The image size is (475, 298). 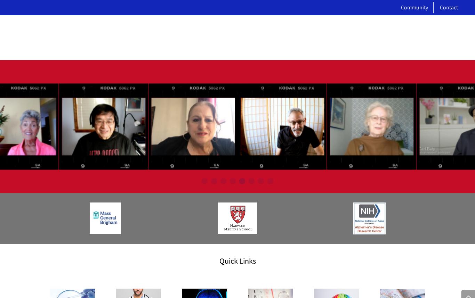 I want to click on 'Donate', so click(x=172, y=229).